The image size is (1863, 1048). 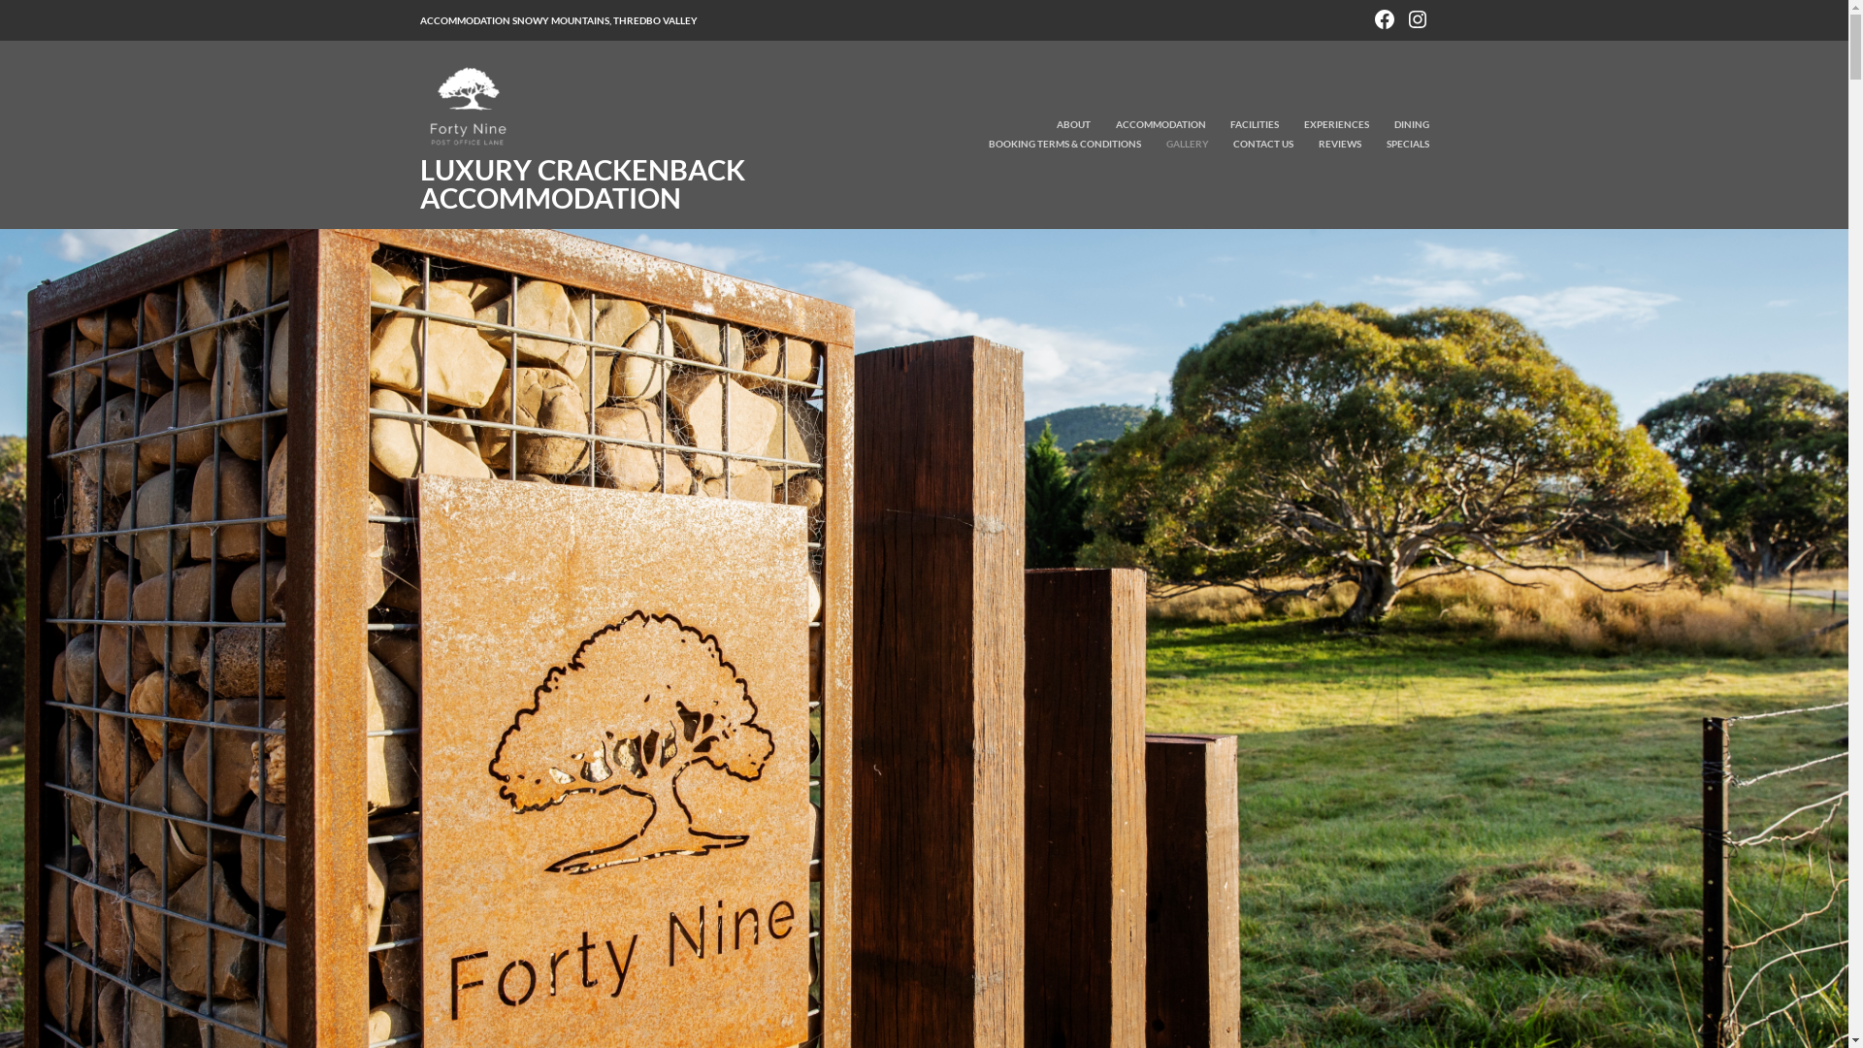 What do you see at coordinates (1174, 144) in the screenshot?
I see `'GALLERY'` at bounding box center [1174, 144].